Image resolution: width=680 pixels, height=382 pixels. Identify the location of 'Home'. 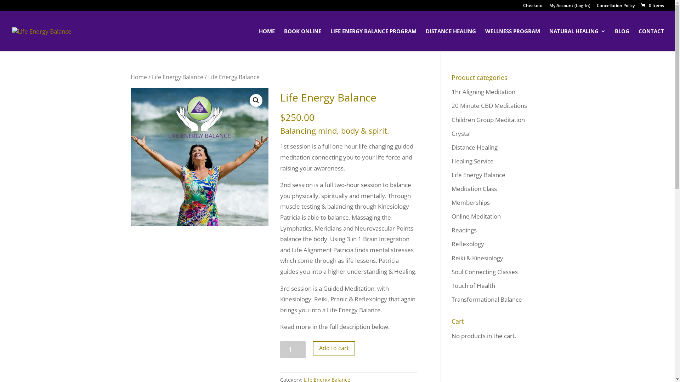
(138, 77).